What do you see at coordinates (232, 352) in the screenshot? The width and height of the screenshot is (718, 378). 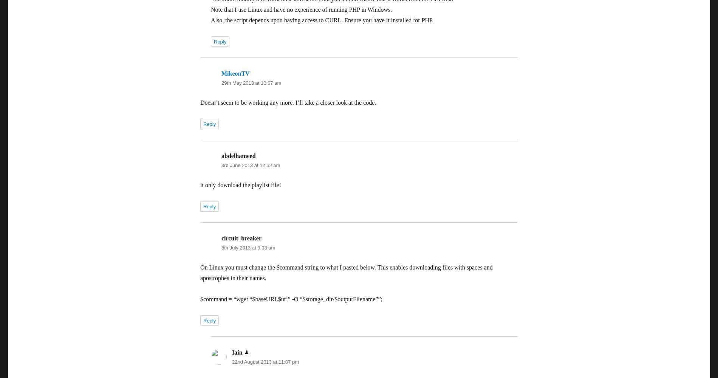 I see `'Iain'` at bounding box center [232, 352].